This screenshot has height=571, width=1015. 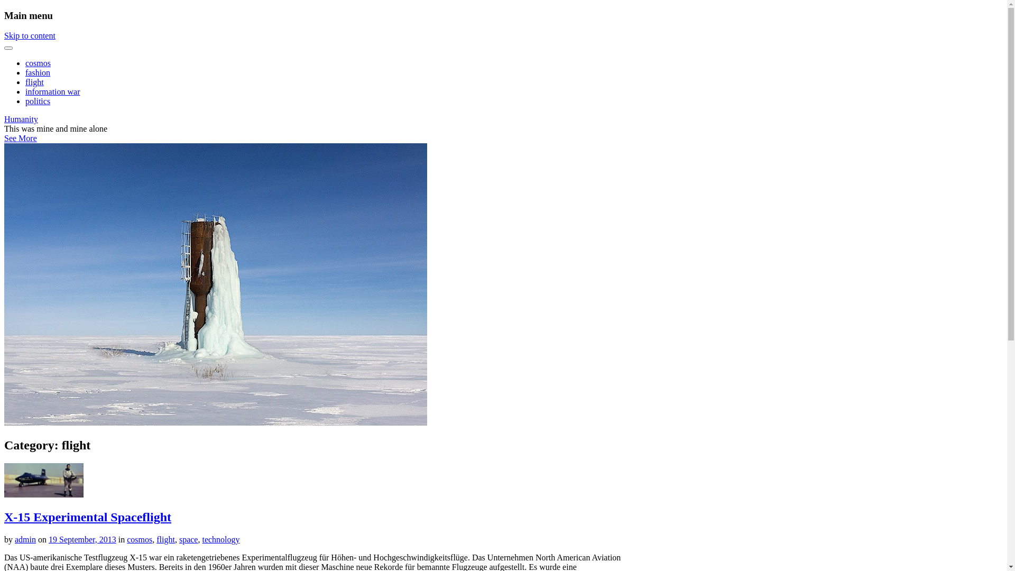 I want to click on 'information war', so click(x=25, y=91).